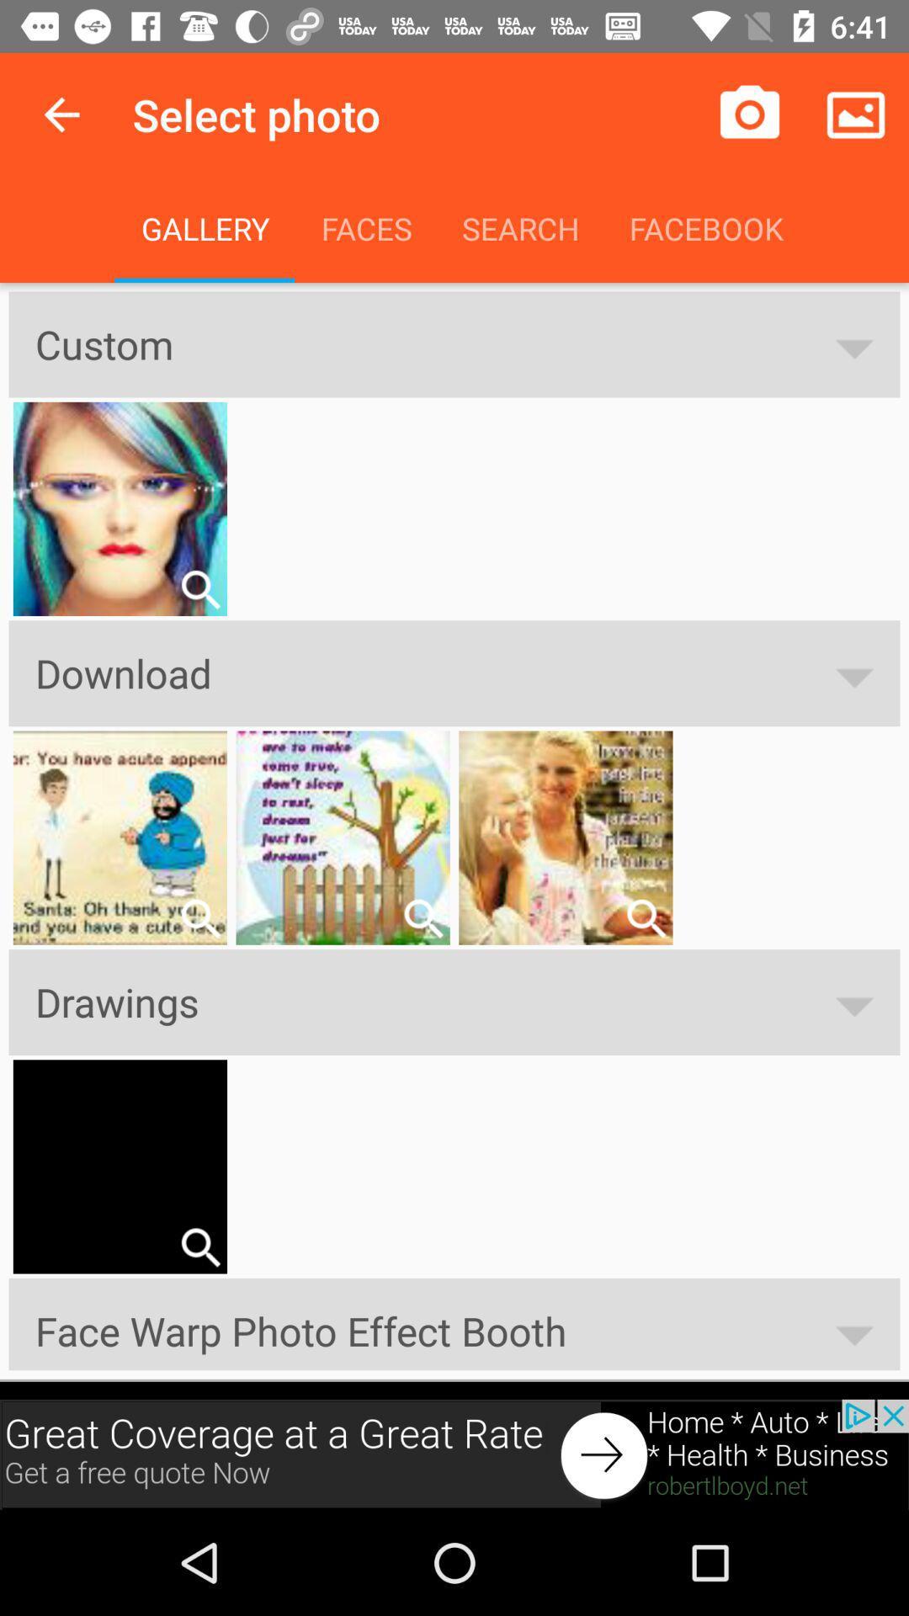  Describe the element at coordinates (454, 1454) in the screenshot. I see `advertisement for robertboyd.net` at that location.